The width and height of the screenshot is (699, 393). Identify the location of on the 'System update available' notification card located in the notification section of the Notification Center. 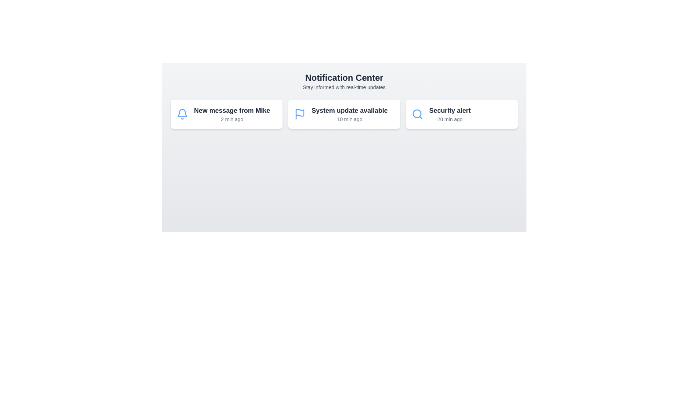
(344, 114).